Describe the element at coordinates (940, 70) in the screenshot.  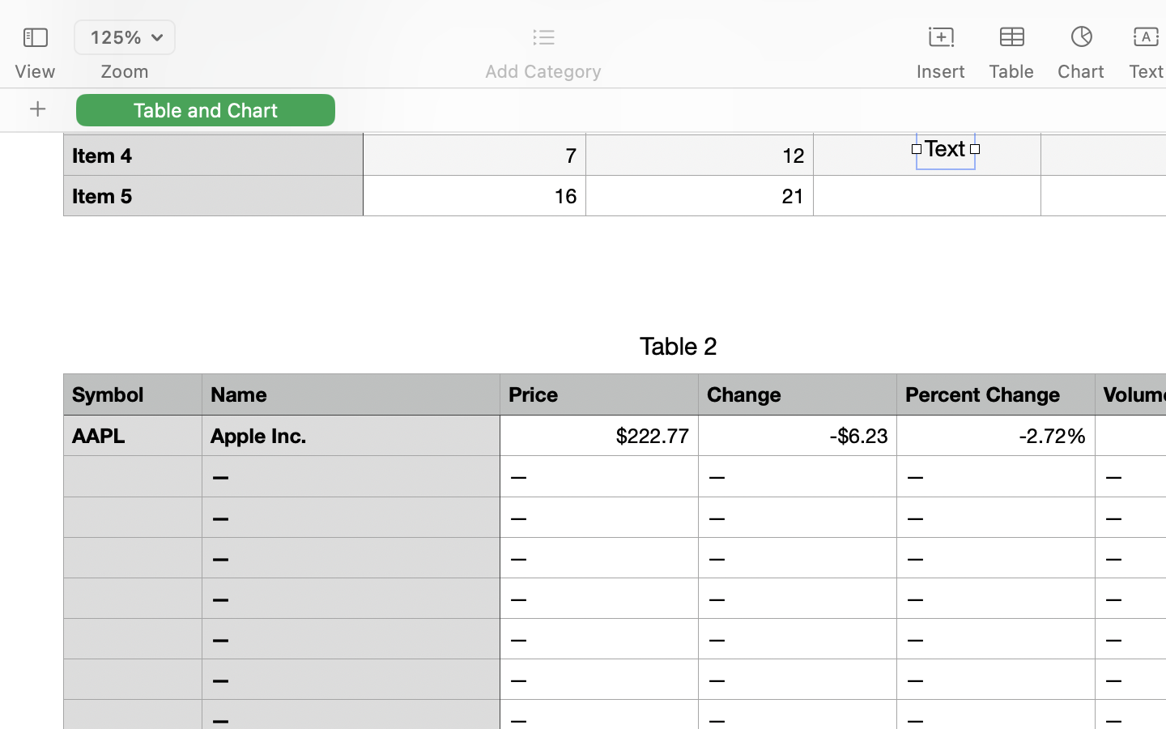
I see `'Insert'` at that location.